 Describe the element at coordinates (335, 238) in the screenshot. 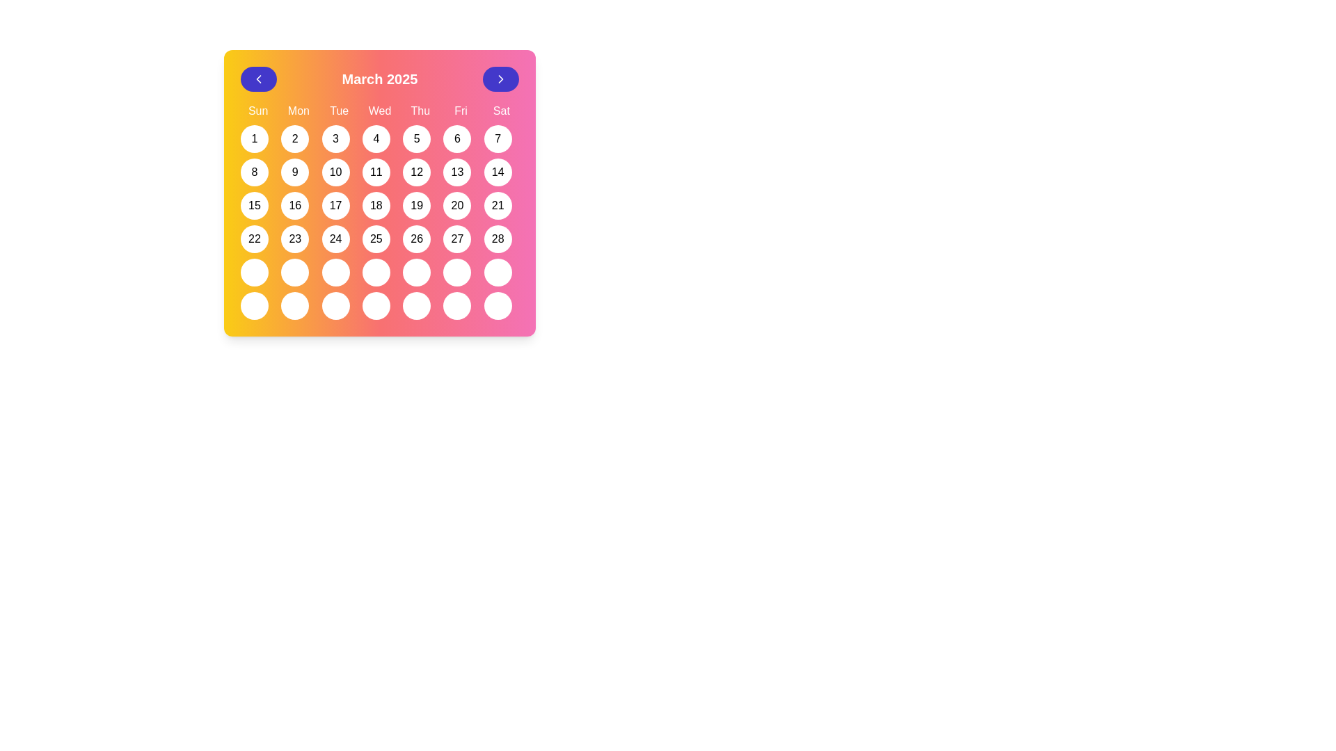

I see `the circular button with a white background and black text '24' to change its background color to indigo` at that location.